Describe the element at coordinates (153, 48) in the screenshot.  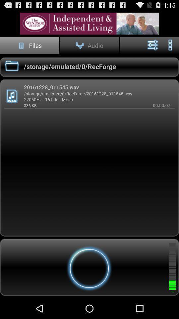
I see `the sliders icon` at that location.